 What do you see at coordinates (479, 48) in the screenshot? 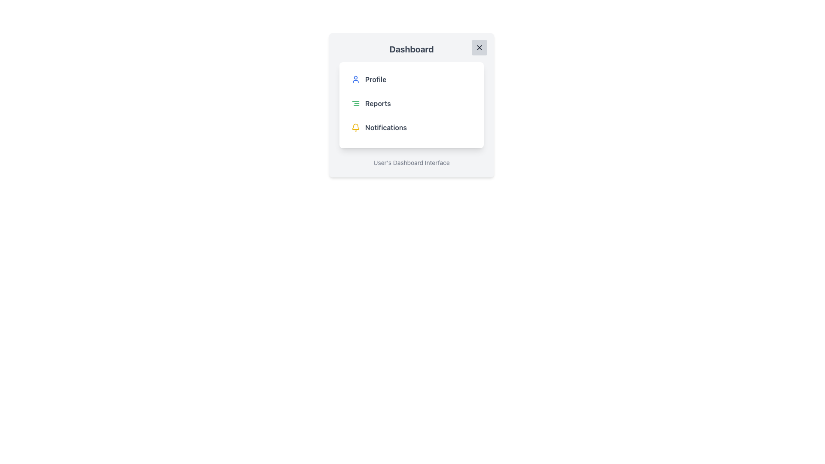
I see `the close button icon located at the top-right corner of the card` at bounding box center [479, 48].